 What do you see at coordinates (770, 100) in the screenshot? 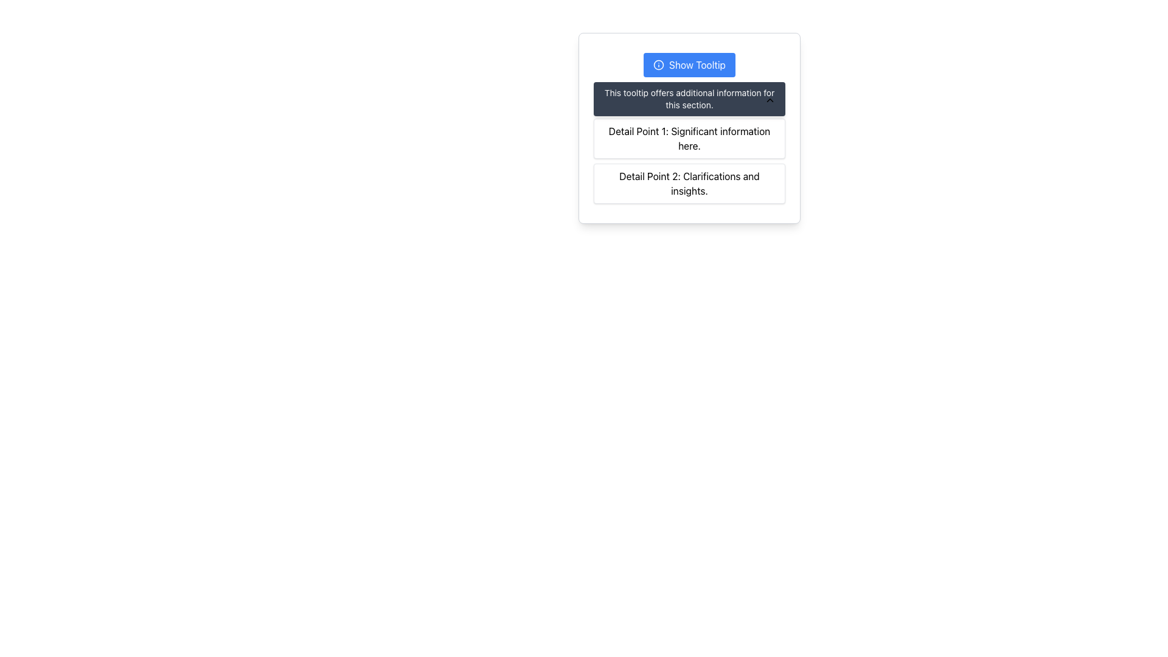
I see `the small downward-facing chevron icon located at the far right end of the 'More Details' button` at bounding box center [770, 100].